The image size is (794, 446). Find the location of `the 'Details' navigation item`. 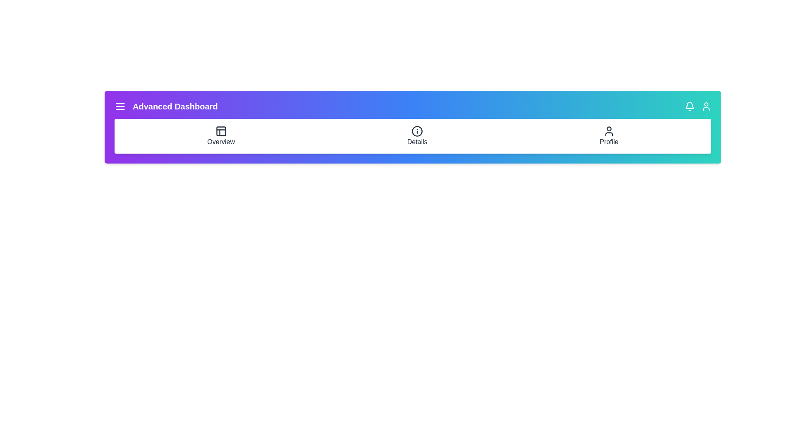

the 'Details' navigation item is located at coordinates (417, 136).